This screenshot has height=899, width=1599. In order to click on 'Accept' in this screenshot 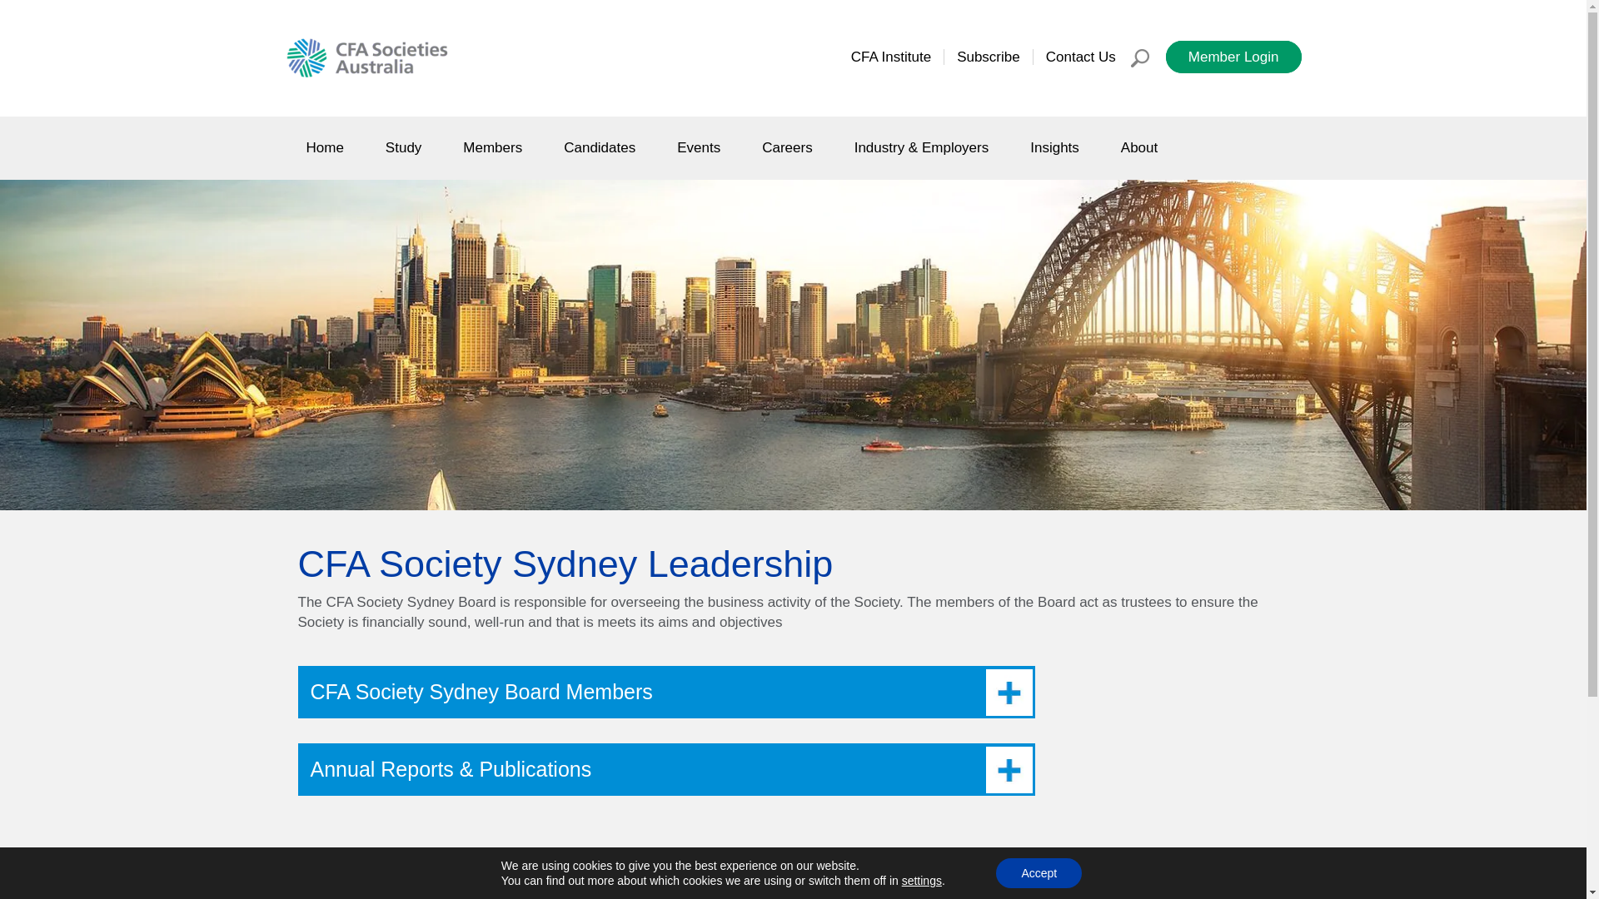, I will do `click(995, 872)`.